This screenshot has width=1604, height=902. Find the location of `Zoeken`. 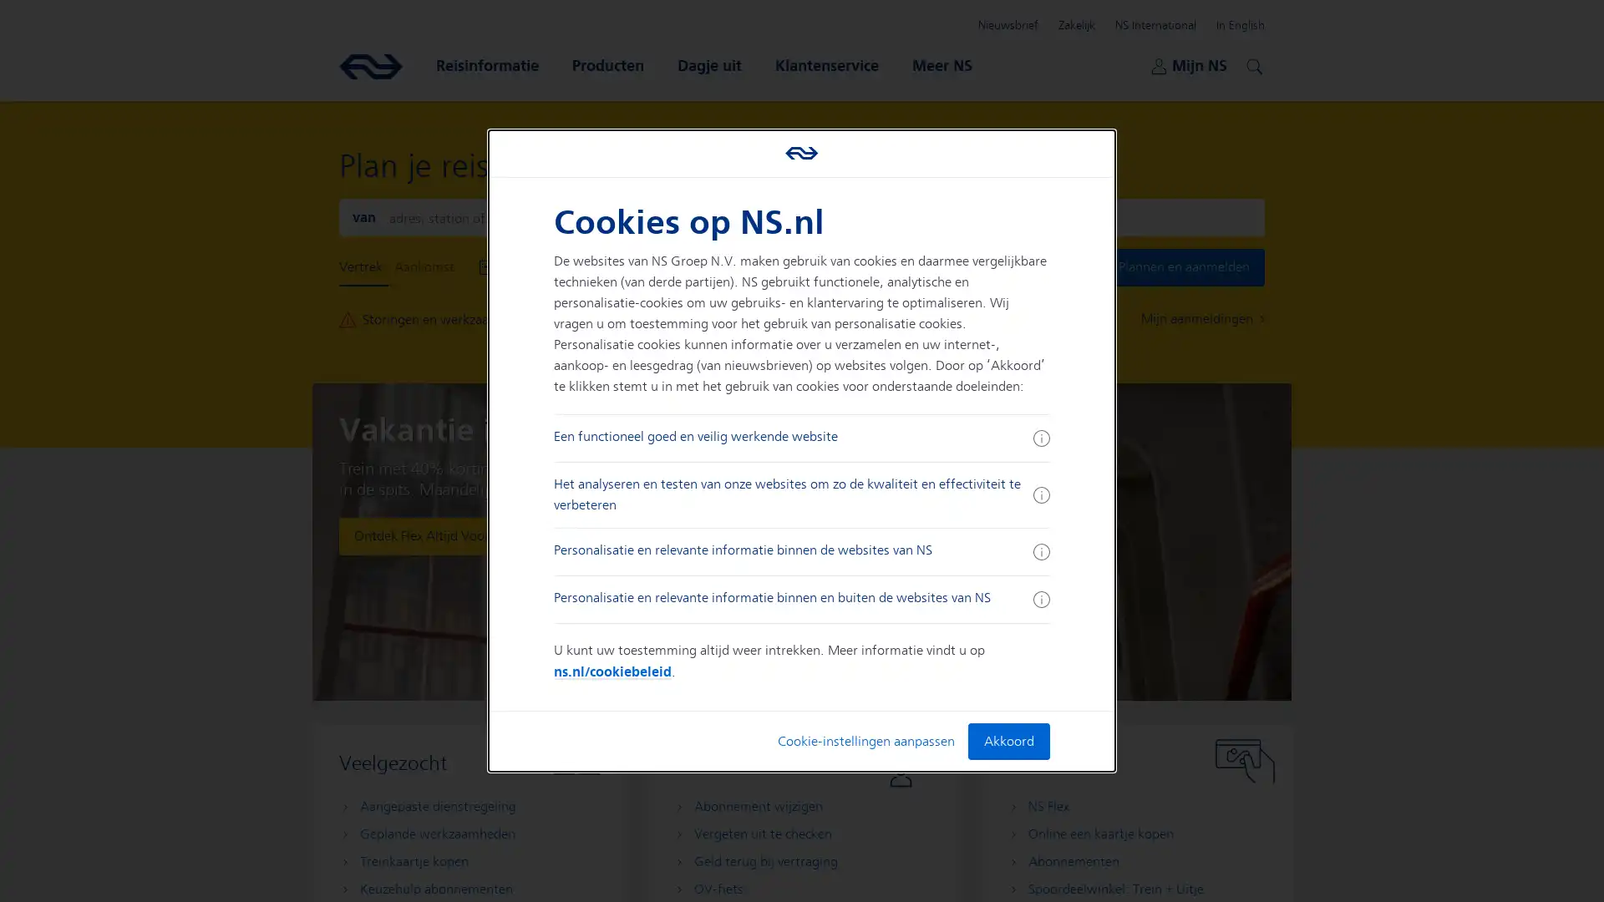

Zoeken is located at coordinates (1251, 63).